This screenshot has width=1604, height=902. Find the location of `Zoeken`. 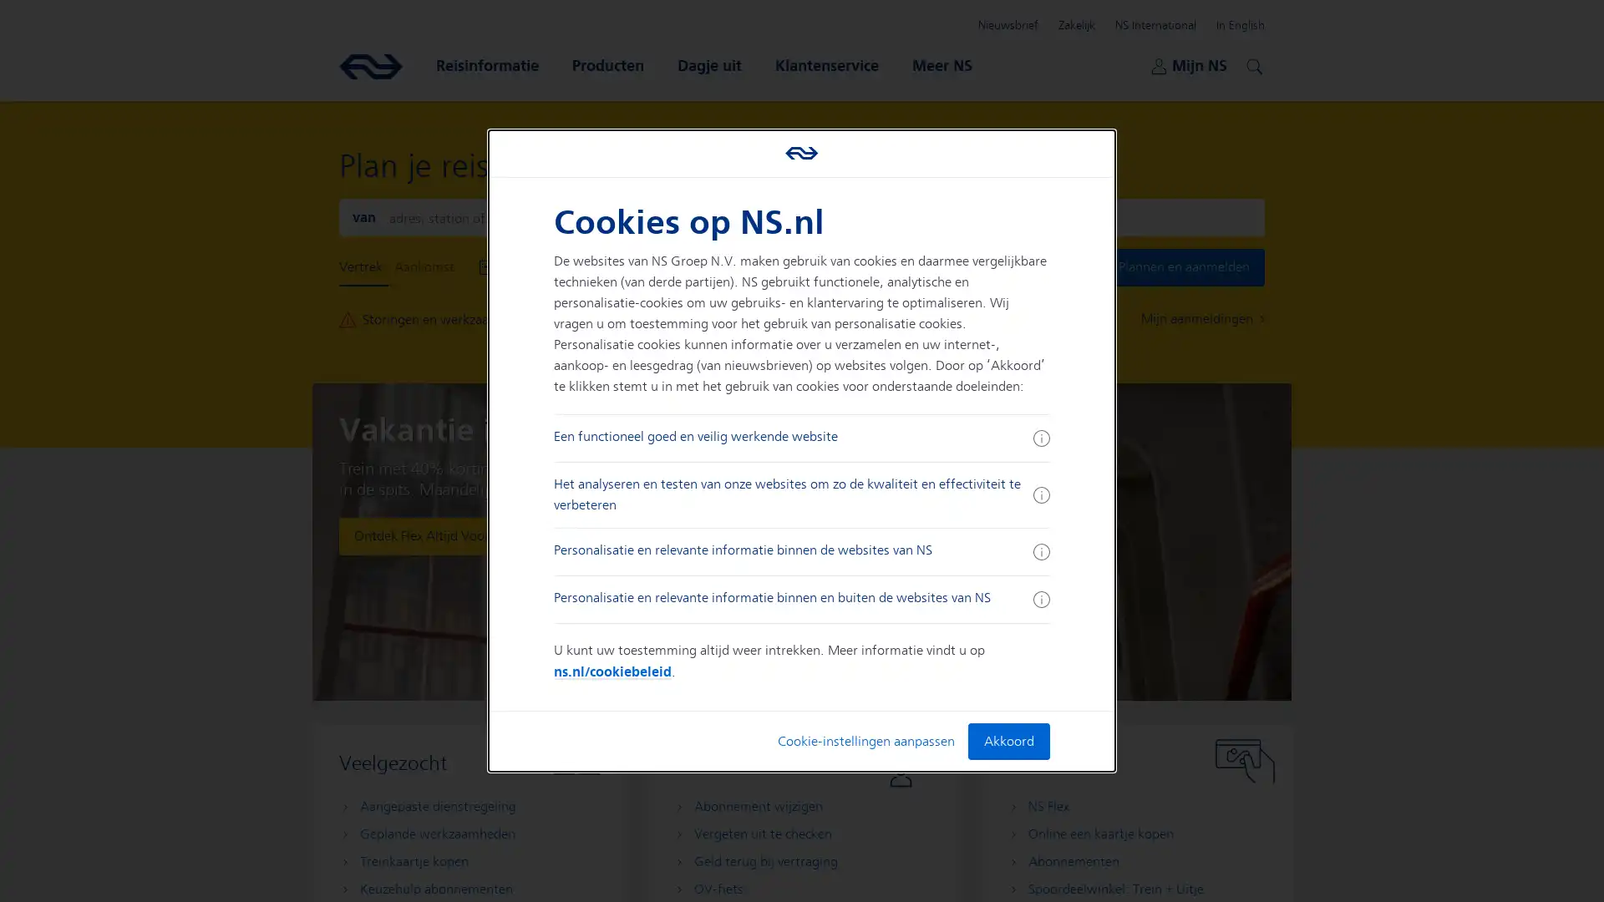

Zoeken is located at coordinates (1251, 63).